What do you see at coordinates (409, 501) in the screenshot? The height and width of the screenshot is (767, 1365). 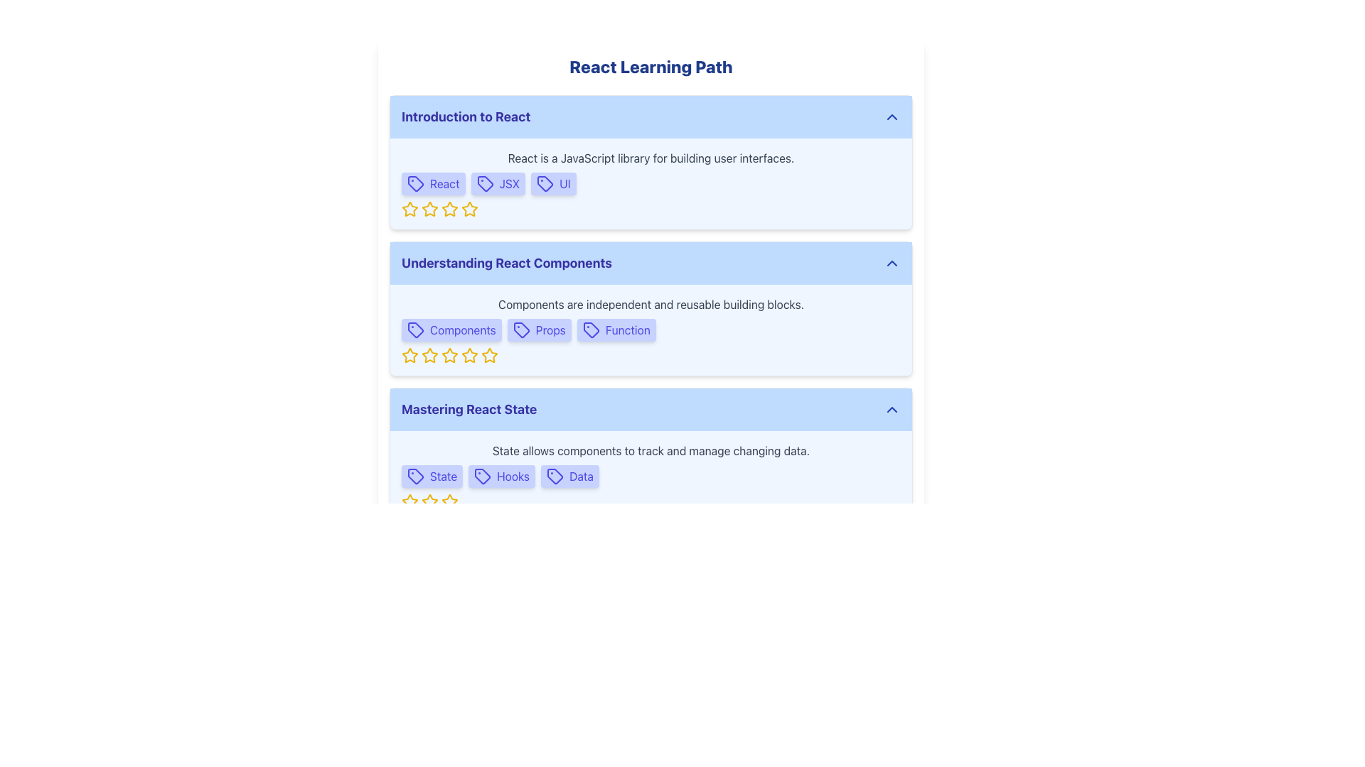 I see `the first star icon in the rating system located in the 'Mastering React State' section to indicate a rating level` at bounding box center [409, 501].